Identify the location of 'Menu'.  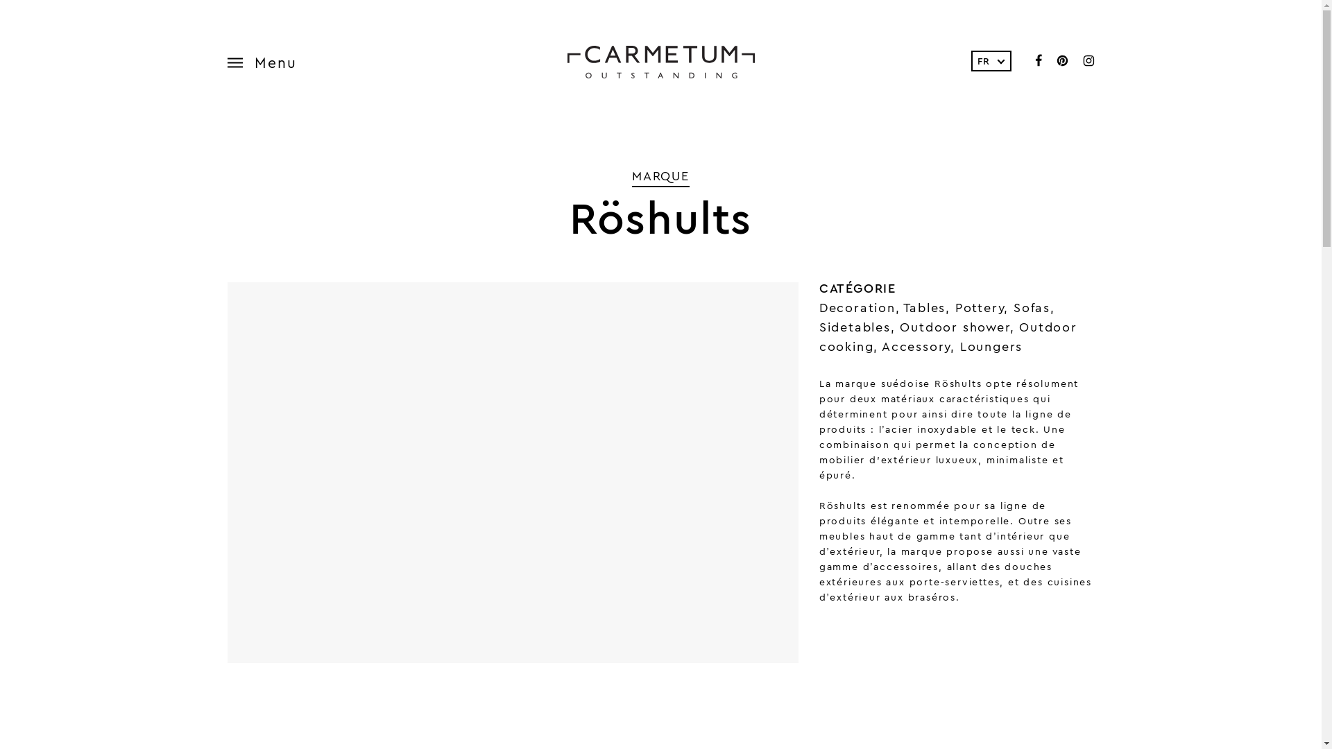
(269, 61).